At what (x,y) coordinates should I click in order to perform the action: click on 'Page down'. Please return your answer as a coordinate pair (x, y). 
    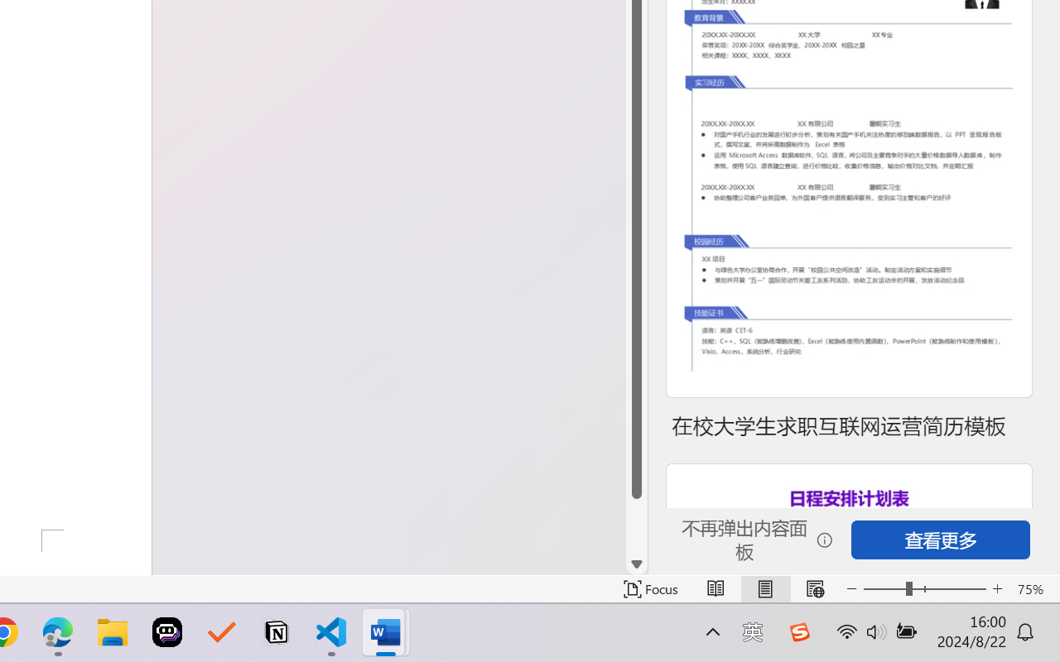
    Looking at the image, I should click on (636, 525).